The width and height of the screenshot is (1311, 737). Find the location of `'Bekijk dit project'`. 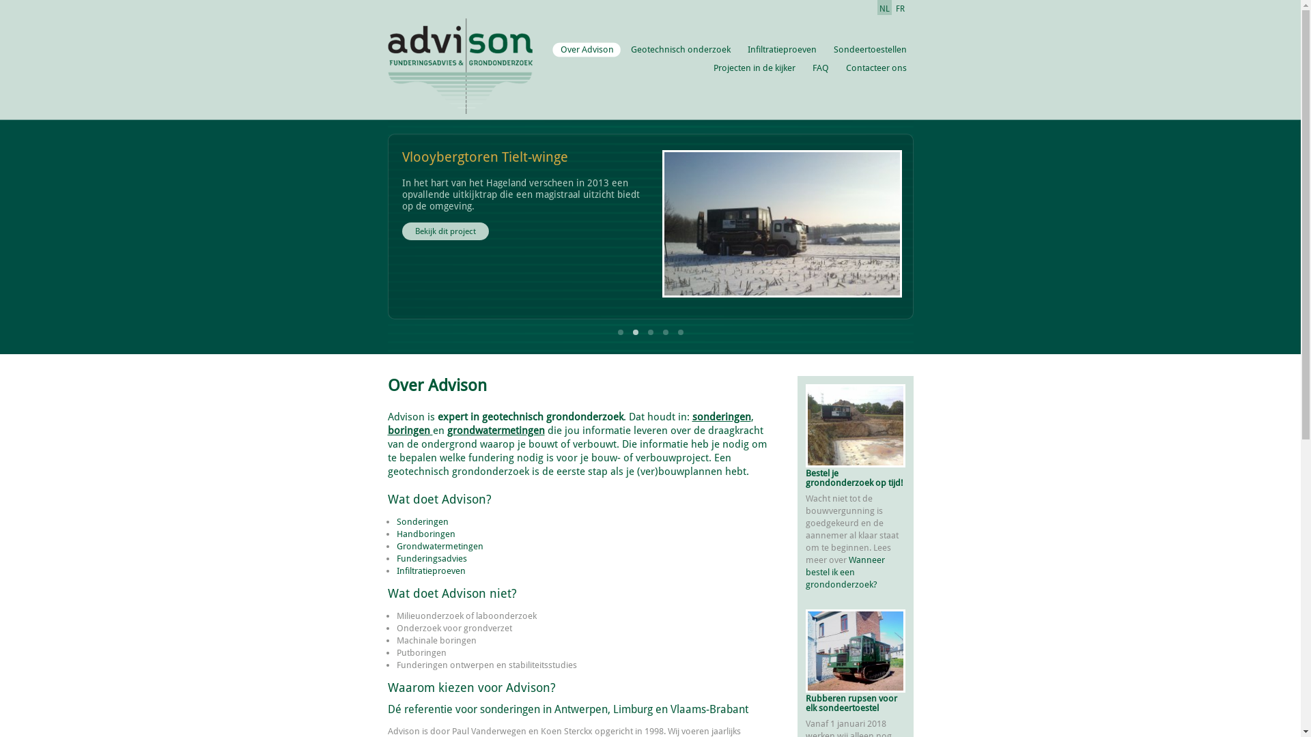

'Bekijk dit project' is located at coordinates (445, 231).